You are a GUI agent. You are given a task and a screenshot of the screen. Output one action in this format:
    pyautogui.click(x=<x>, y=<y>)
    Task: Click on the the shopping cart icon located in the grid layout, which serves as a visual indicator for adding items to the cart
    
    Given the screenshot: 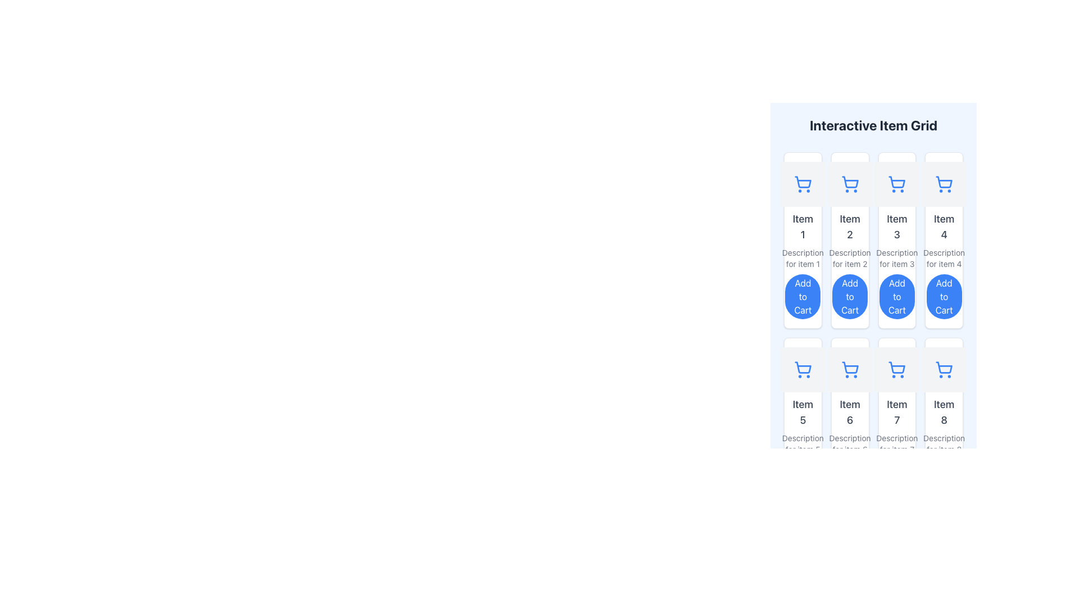 What is the action you would take?
    pyautogui.click(x=802, y=370)
    